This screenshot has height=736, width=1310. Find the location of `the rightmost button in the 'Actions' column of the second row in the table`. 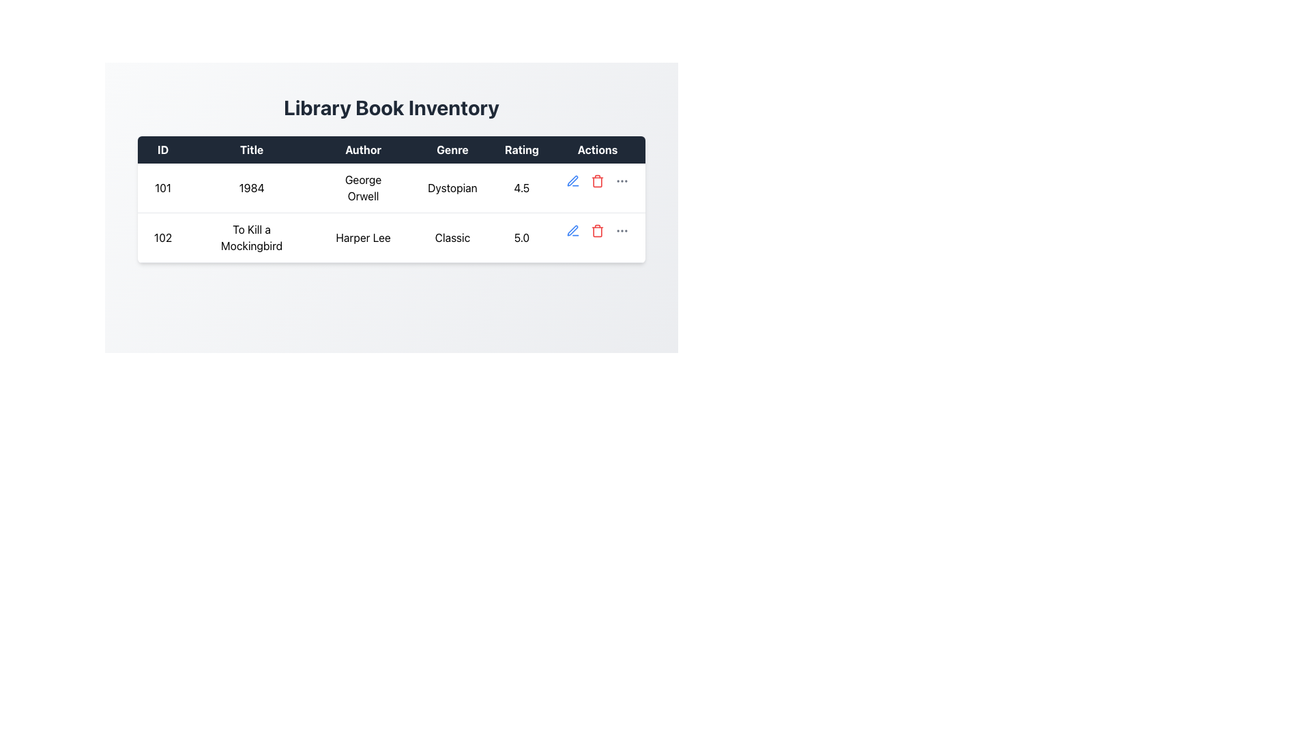

the rightmost button in the 'Actions' column of the second row in the table is located at coordinates (622, 228).